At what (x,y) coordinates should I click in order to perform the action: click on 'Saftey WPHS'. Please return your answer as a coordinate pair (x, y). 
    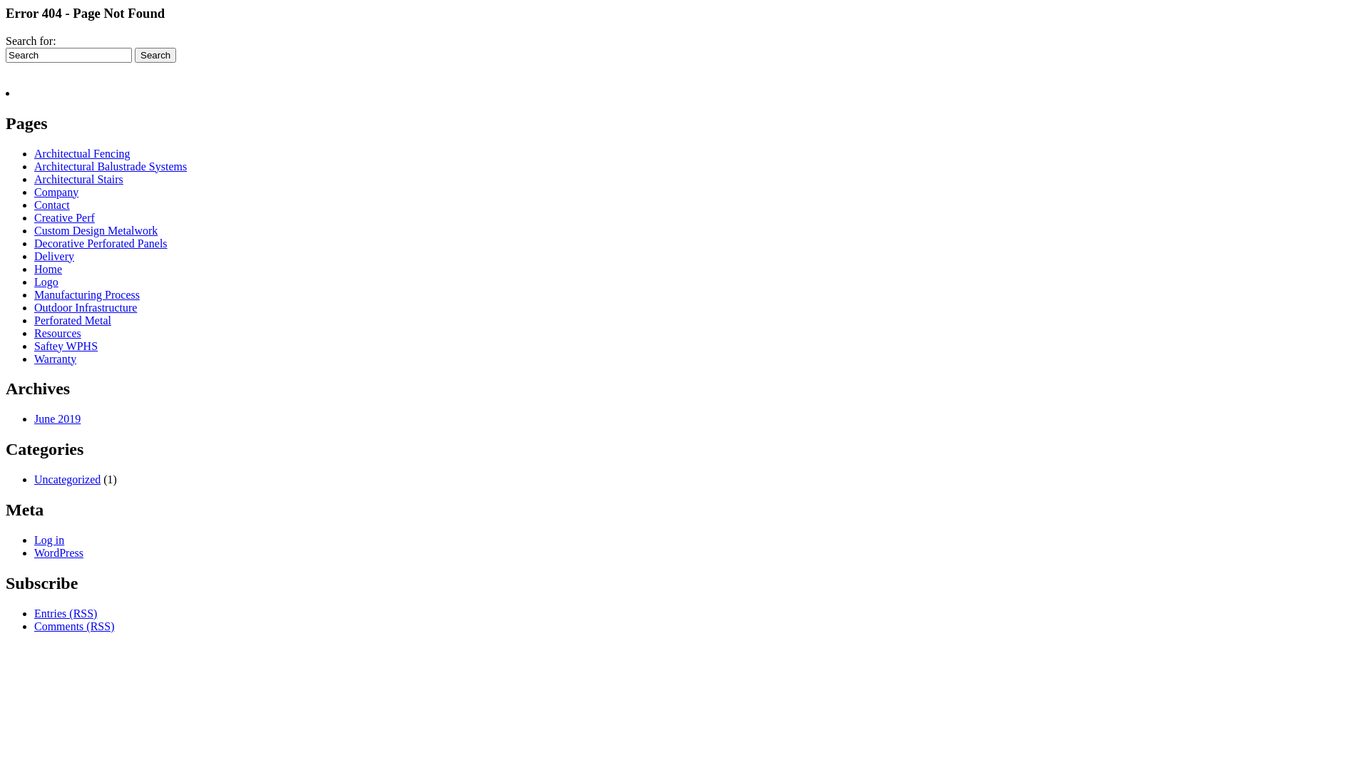
    Looking at the image, I should click on (65, 346).